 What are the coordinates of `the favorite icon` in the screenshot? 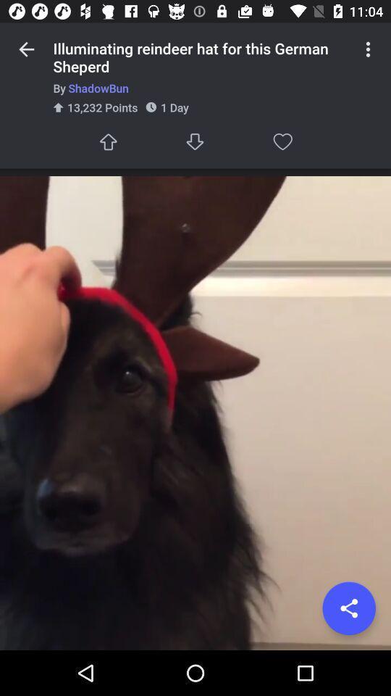 It's located at (282, 141).